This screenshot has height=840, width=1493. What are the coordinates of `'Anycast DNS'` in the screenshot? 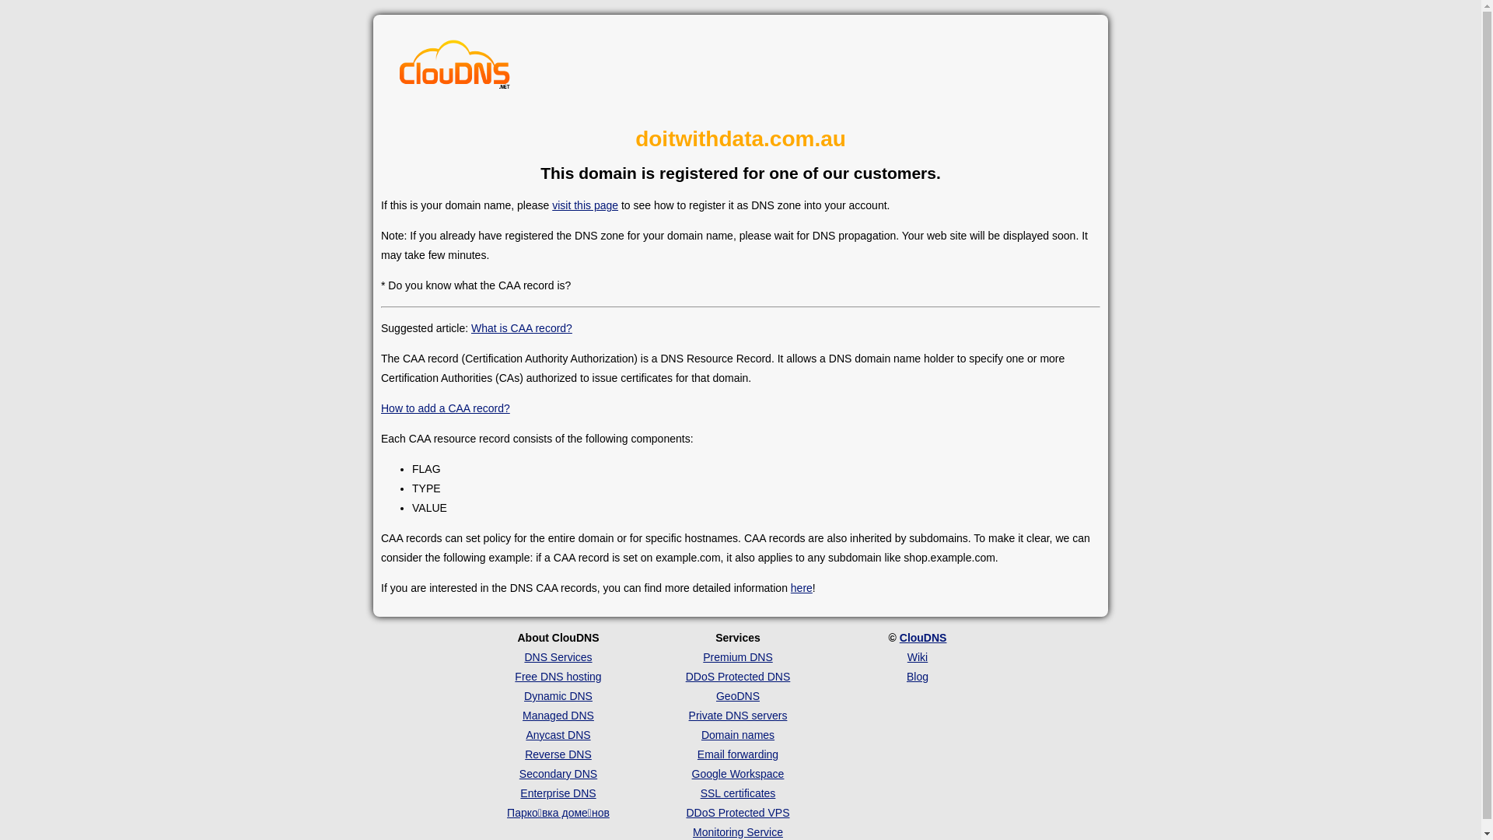 It's located at (558, 735).